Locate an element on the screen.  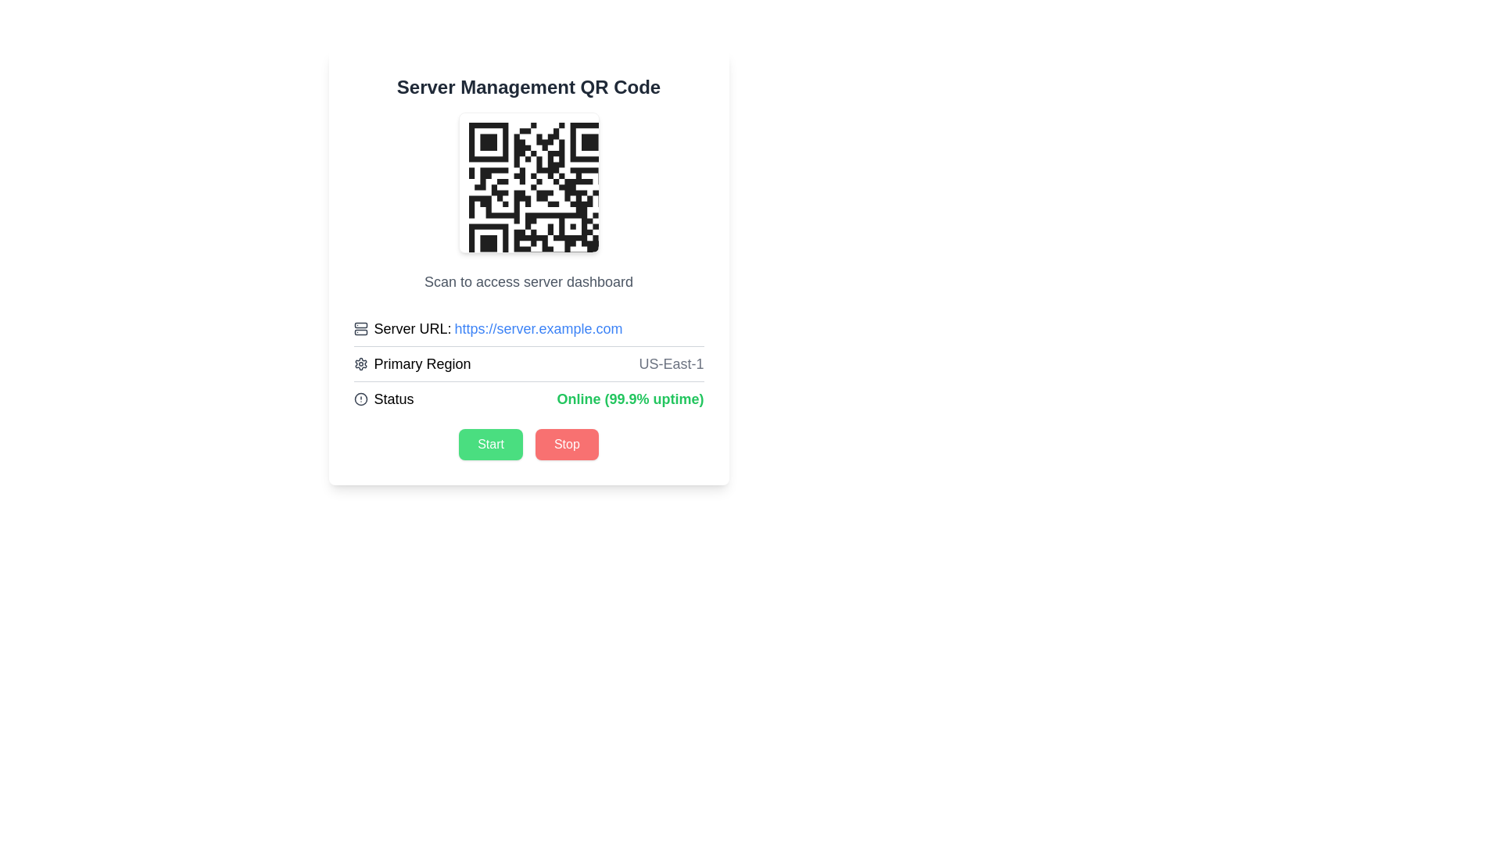
the 'Stop' button with a red background and white text to observe potential hover effects is located at coordinates (566, 445).